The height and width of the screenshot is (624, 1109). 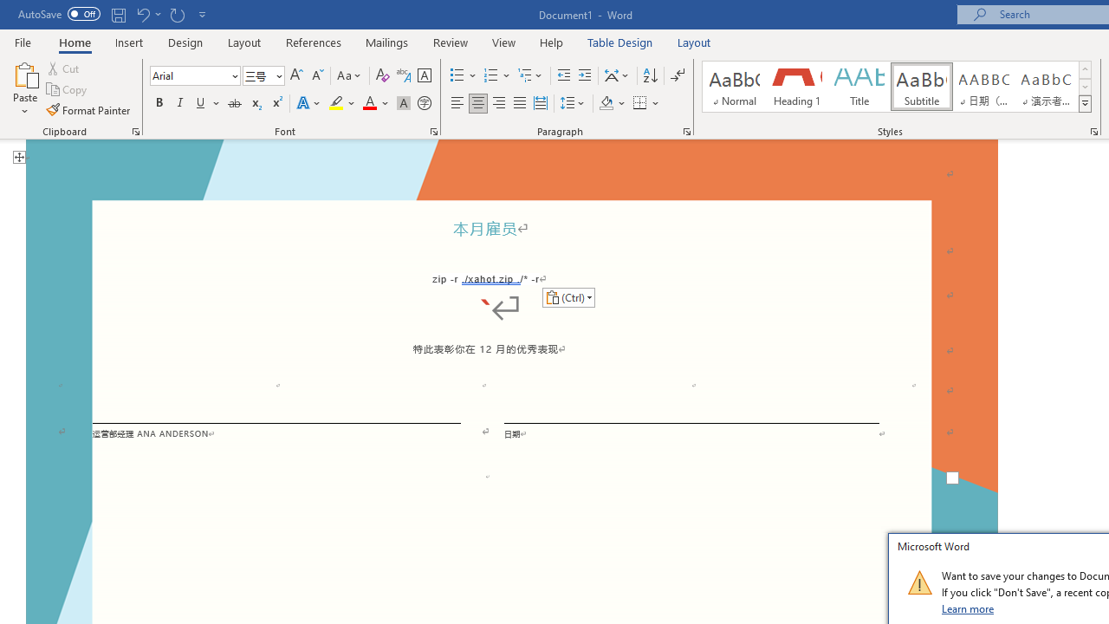 What do you see at coordinates (968, 608) in the screenshot?
I see `'Learn more'` at bounding box center [968, 608].